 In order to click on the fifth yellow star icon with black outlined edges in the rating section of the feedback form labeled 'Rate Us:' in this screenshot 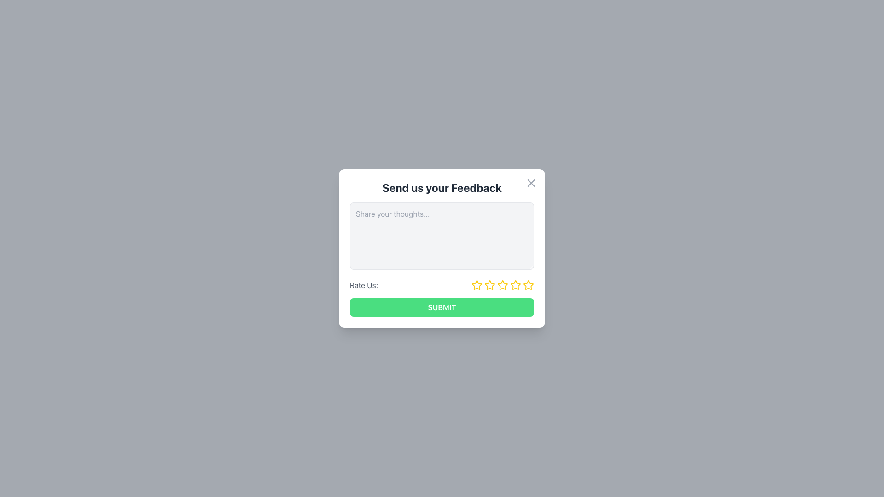, I will do `click(515, 285)`.